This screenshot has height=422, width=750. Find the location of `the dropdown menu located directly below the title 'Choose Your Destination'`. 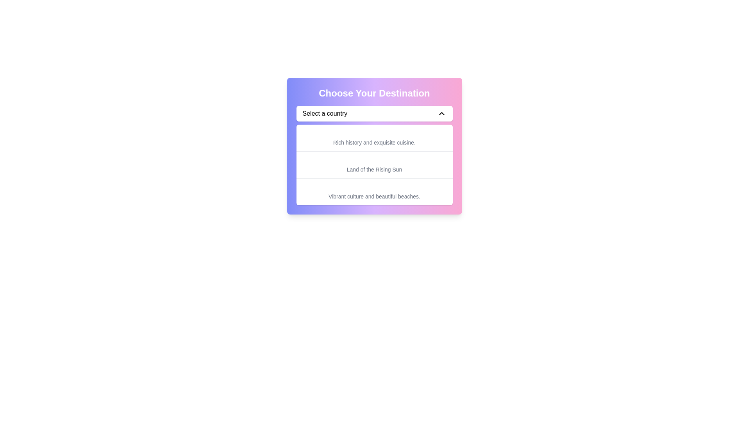

the dropdown menu located directly below the title 'Choose Your Destination' is located at coordinates (374, 113).